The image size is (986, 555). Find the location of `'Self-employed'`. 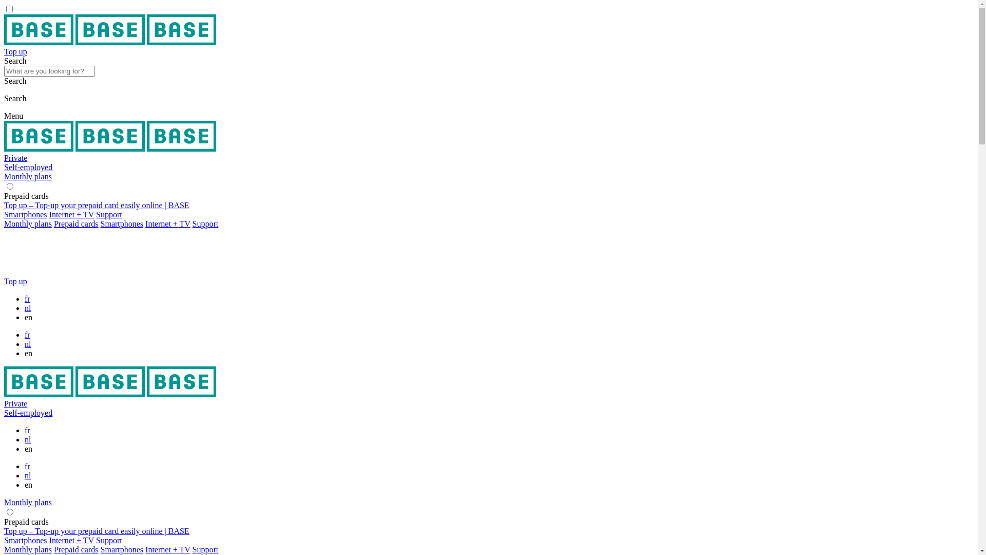

'Self-employed' is located at coordinates (28, 412).